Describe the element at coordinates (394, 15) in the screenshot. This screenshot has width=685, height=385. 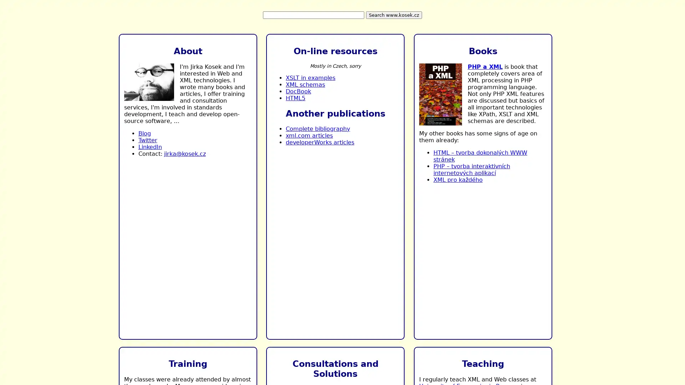
I see `Search www.kosek.cz` at that location.